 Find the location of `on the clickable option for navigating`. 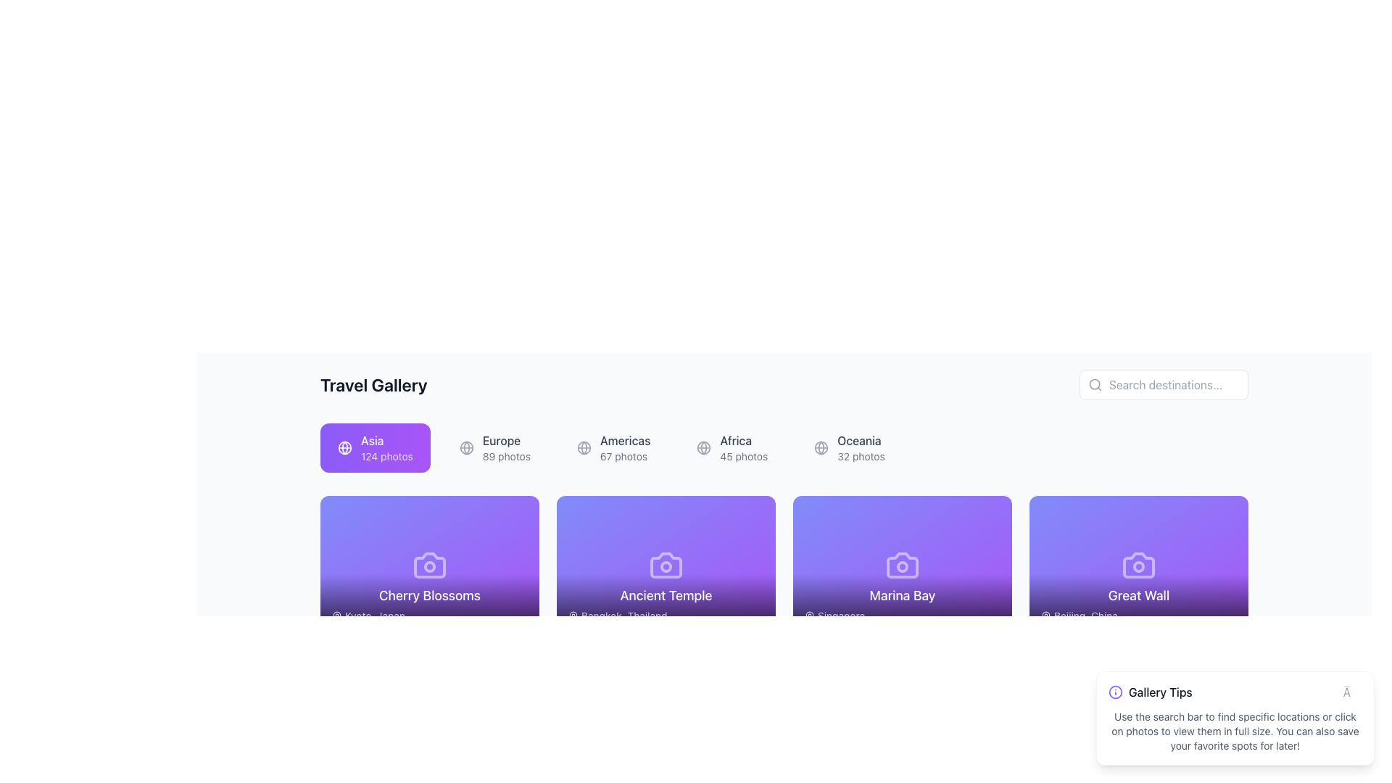

on the clickable option for navigating is located at coordinates (625, 447).